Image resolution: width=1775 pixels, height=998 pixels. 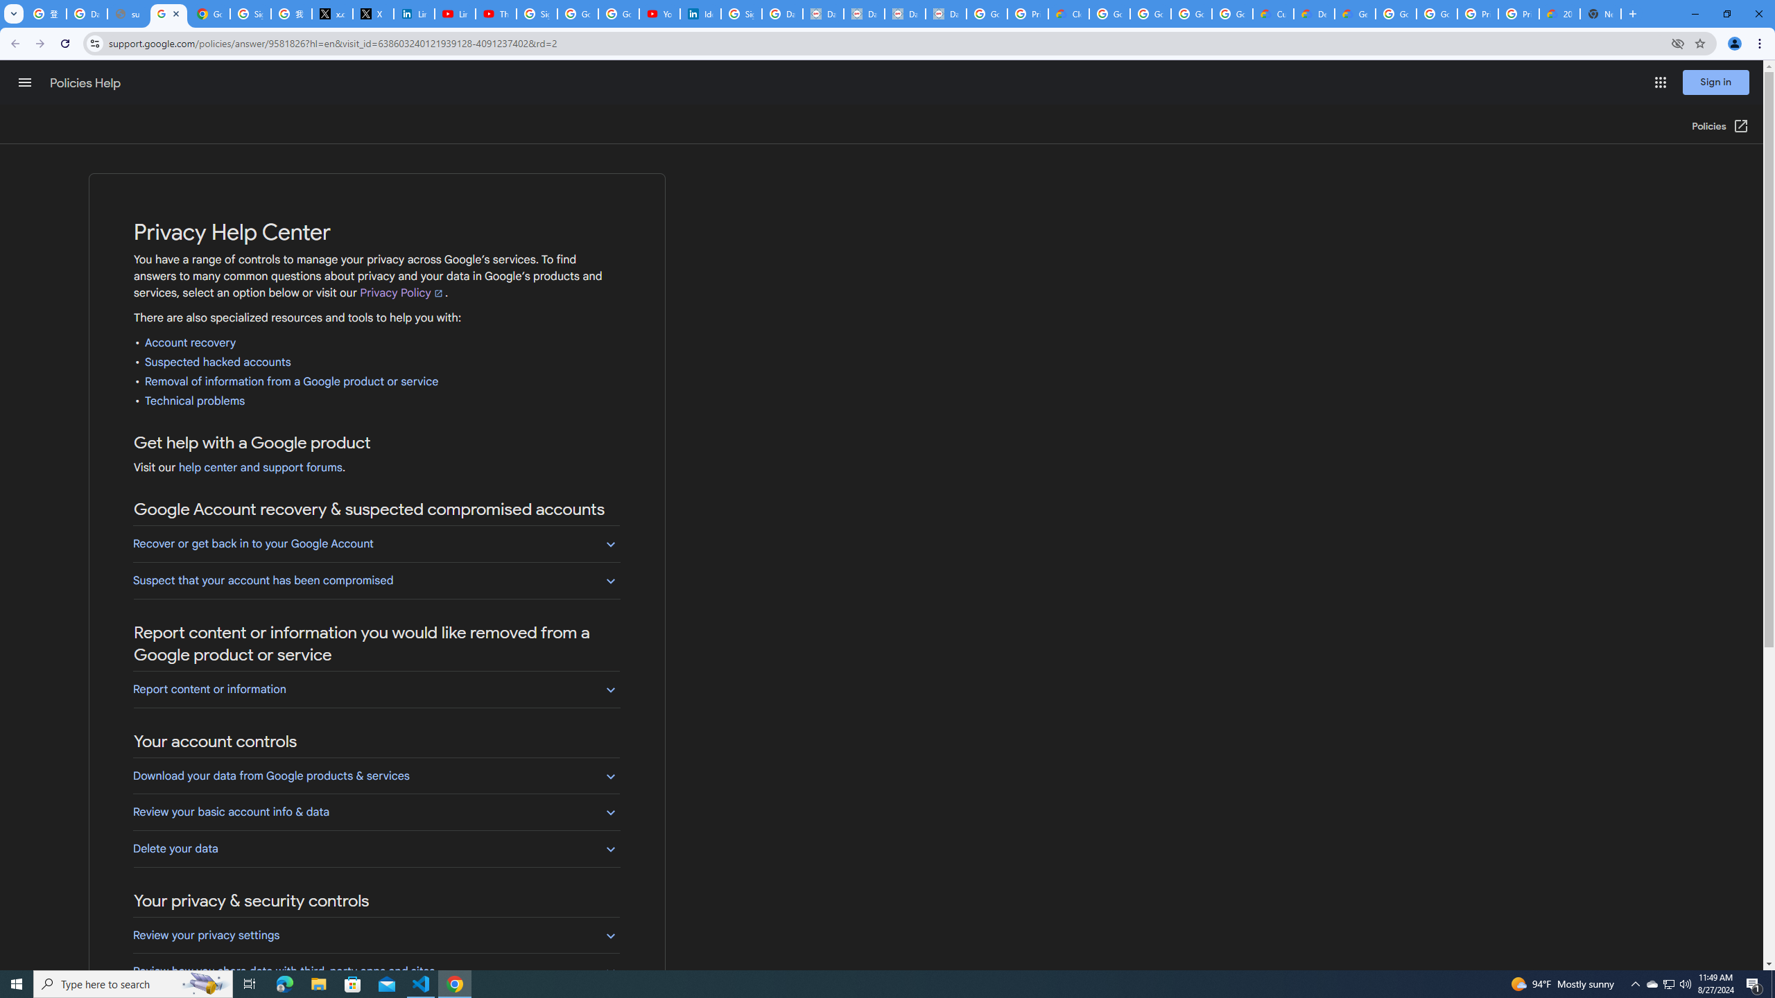 I want to click on 'Gemini for Business and Developers | Google Cloud', so click(x=1354, y=13).